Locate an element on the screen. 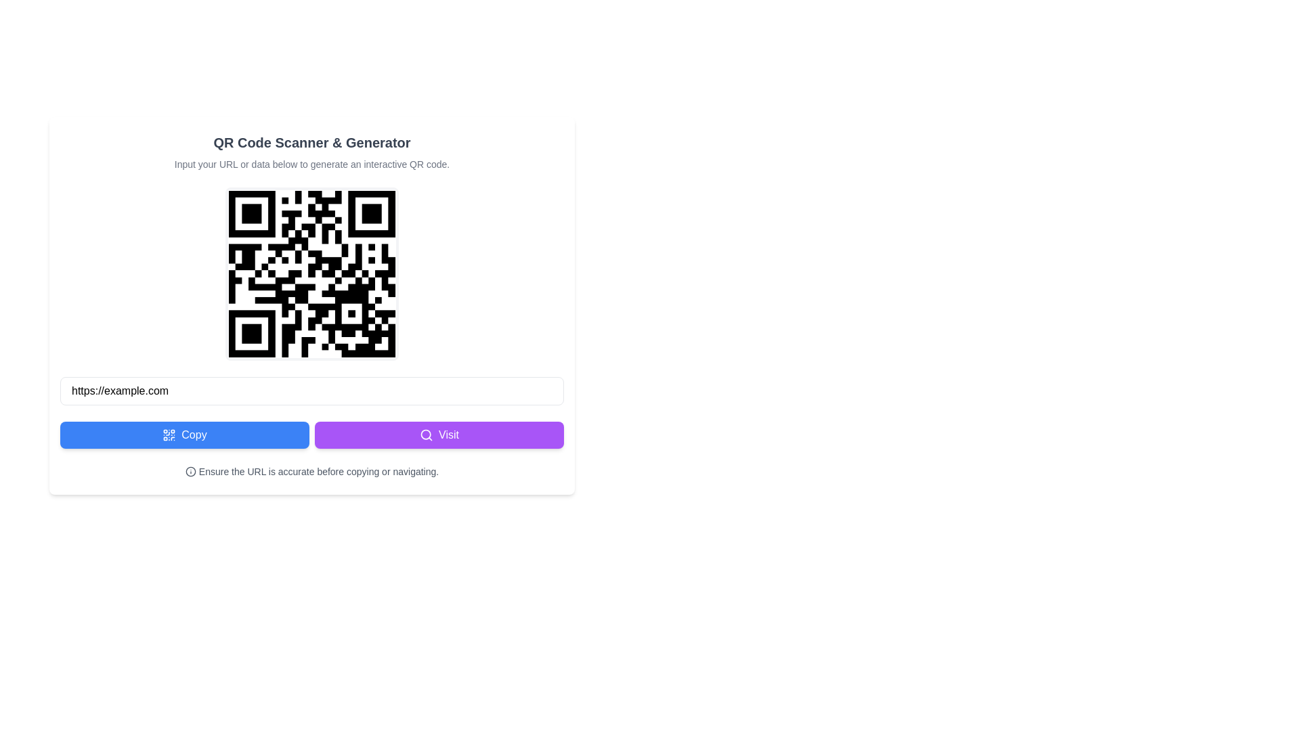  the magnifying glass icon on the left side of the 'Visit' button is located at coordinates (425, 435).